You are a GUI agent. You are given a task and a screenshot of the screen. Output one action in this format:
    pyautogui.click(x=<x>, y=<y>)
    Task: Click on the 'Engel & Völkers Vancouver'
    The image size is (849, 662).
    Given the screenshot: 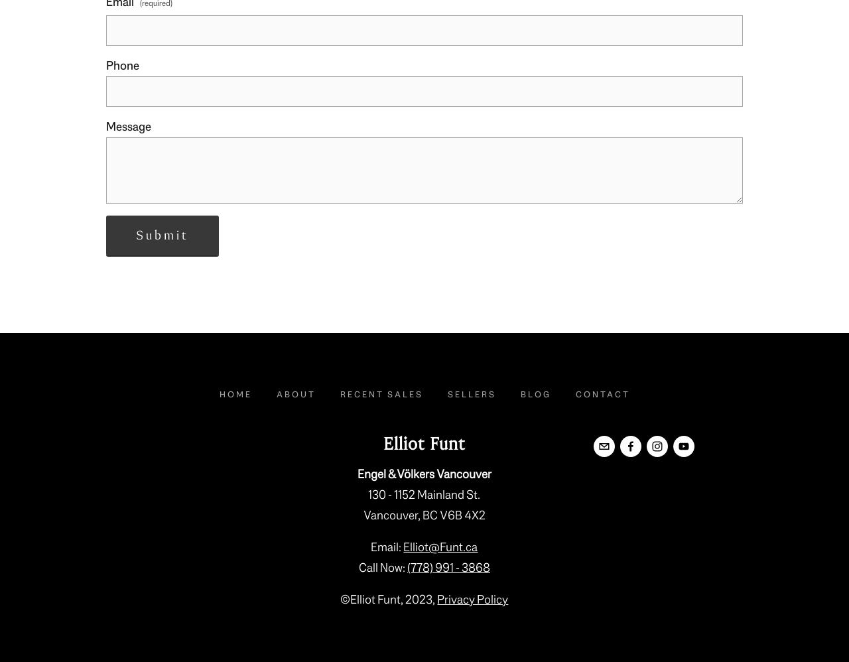 What is the action you would take?
    pyautogui.click(x=356, y=474)
    